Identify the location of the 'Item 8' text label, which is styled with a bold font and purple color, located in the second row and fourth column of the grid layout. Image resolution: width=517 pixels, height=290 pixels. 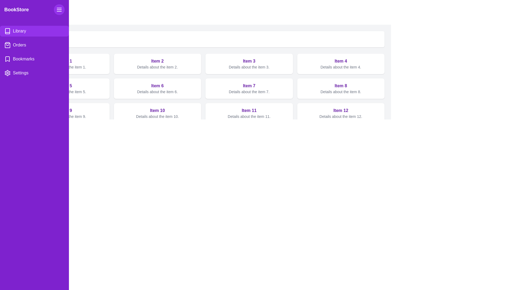
(340, 86).